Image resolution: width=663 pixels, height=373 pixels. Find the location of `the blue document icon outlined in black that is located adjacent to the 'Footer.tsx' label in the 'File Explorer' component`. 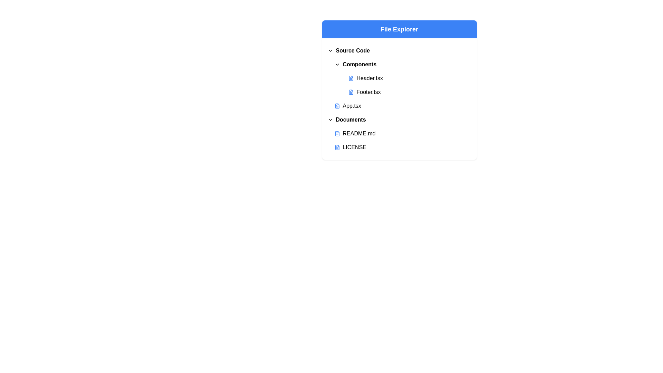

the blue document icon outlined in black that is located adjacent to the 'Footer.tsx' label in the 'File Explorer' component is located at coordinates (351, 92).